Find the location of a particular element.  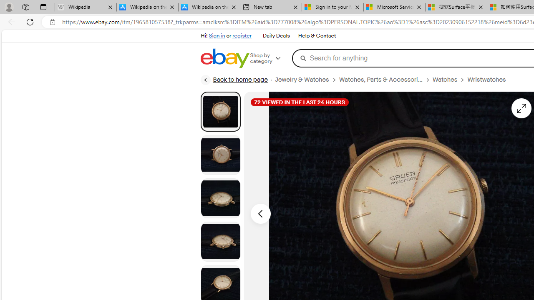

'Picture 2 of 8' is located at coordinates (220, 155).